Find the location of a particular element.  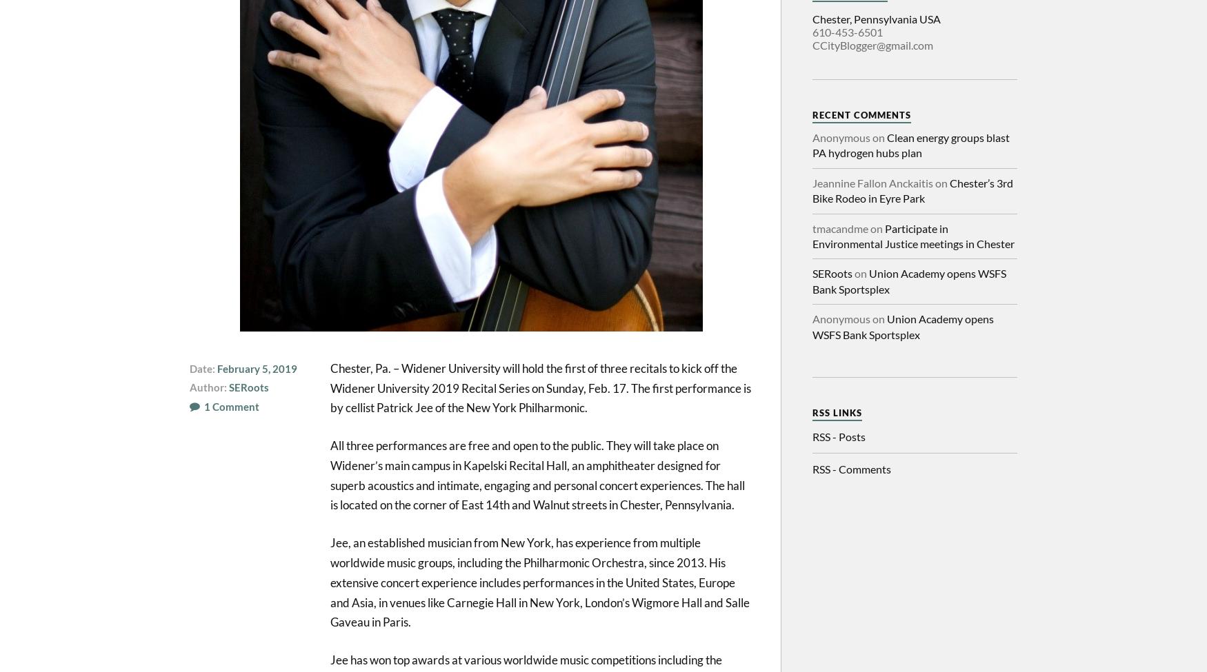

'on' is located at coordinates (860, 273).